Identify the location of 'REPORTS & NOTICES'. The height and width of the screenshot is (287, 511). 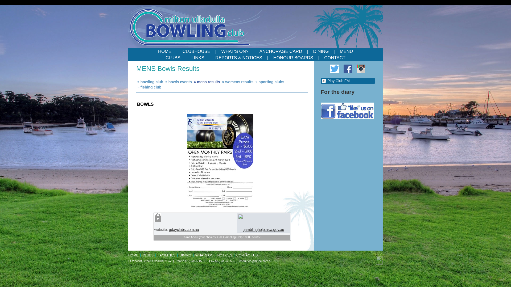
(211, 58).